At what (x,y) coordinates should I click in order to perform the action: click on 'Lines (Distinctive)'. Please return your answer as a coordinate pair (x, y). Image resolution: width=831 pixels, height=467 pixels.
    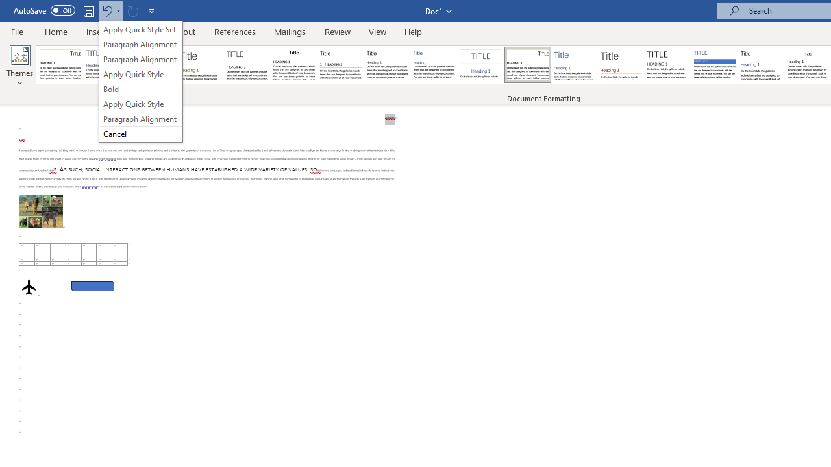
    Looking at the image, I should click on (527, 65).